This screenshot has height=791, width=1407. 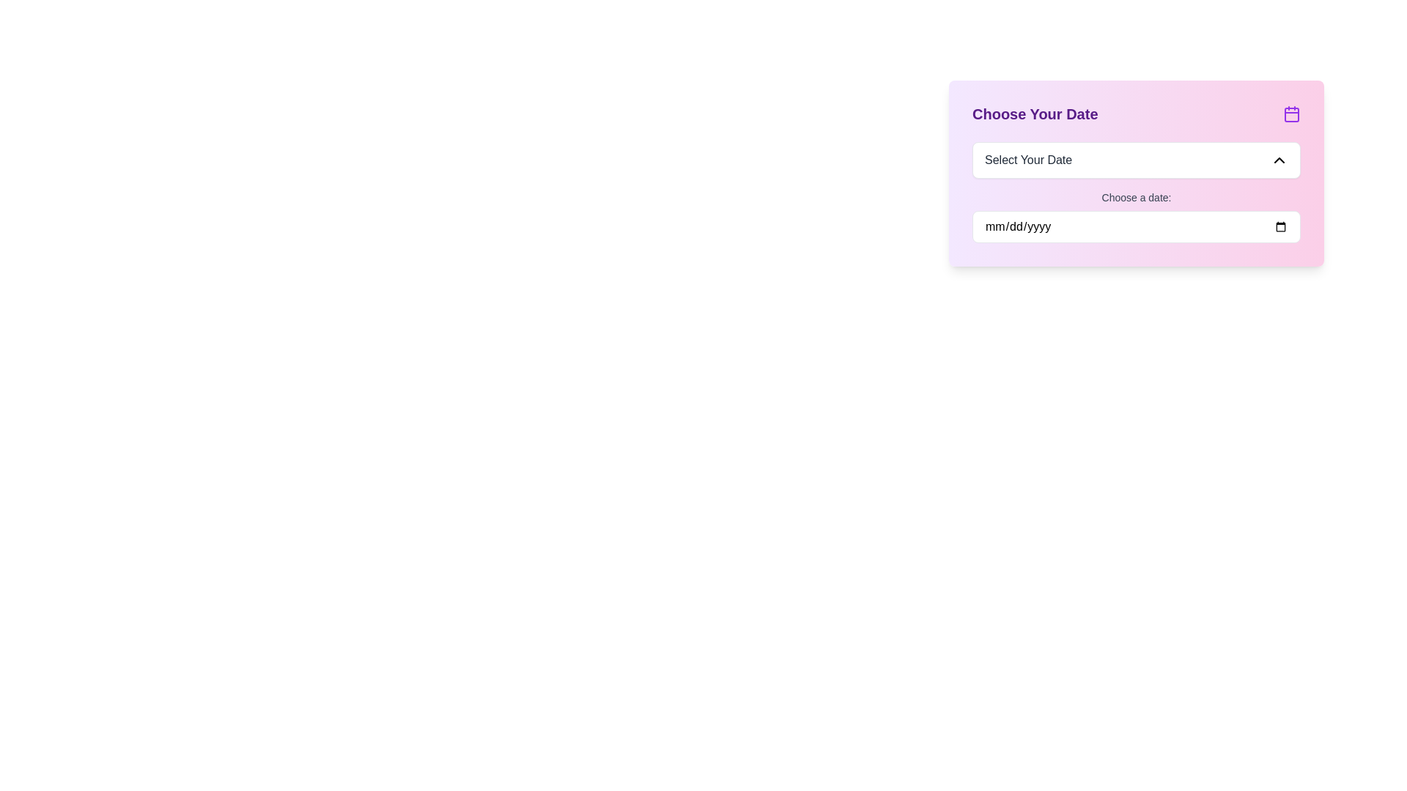 I want to click on the calendar icon located at the top-right corner of the 'Choose Your Date' card, characterized by its clean, minimalist design with purple outlines and a white background, so click(x=1291, y=113).